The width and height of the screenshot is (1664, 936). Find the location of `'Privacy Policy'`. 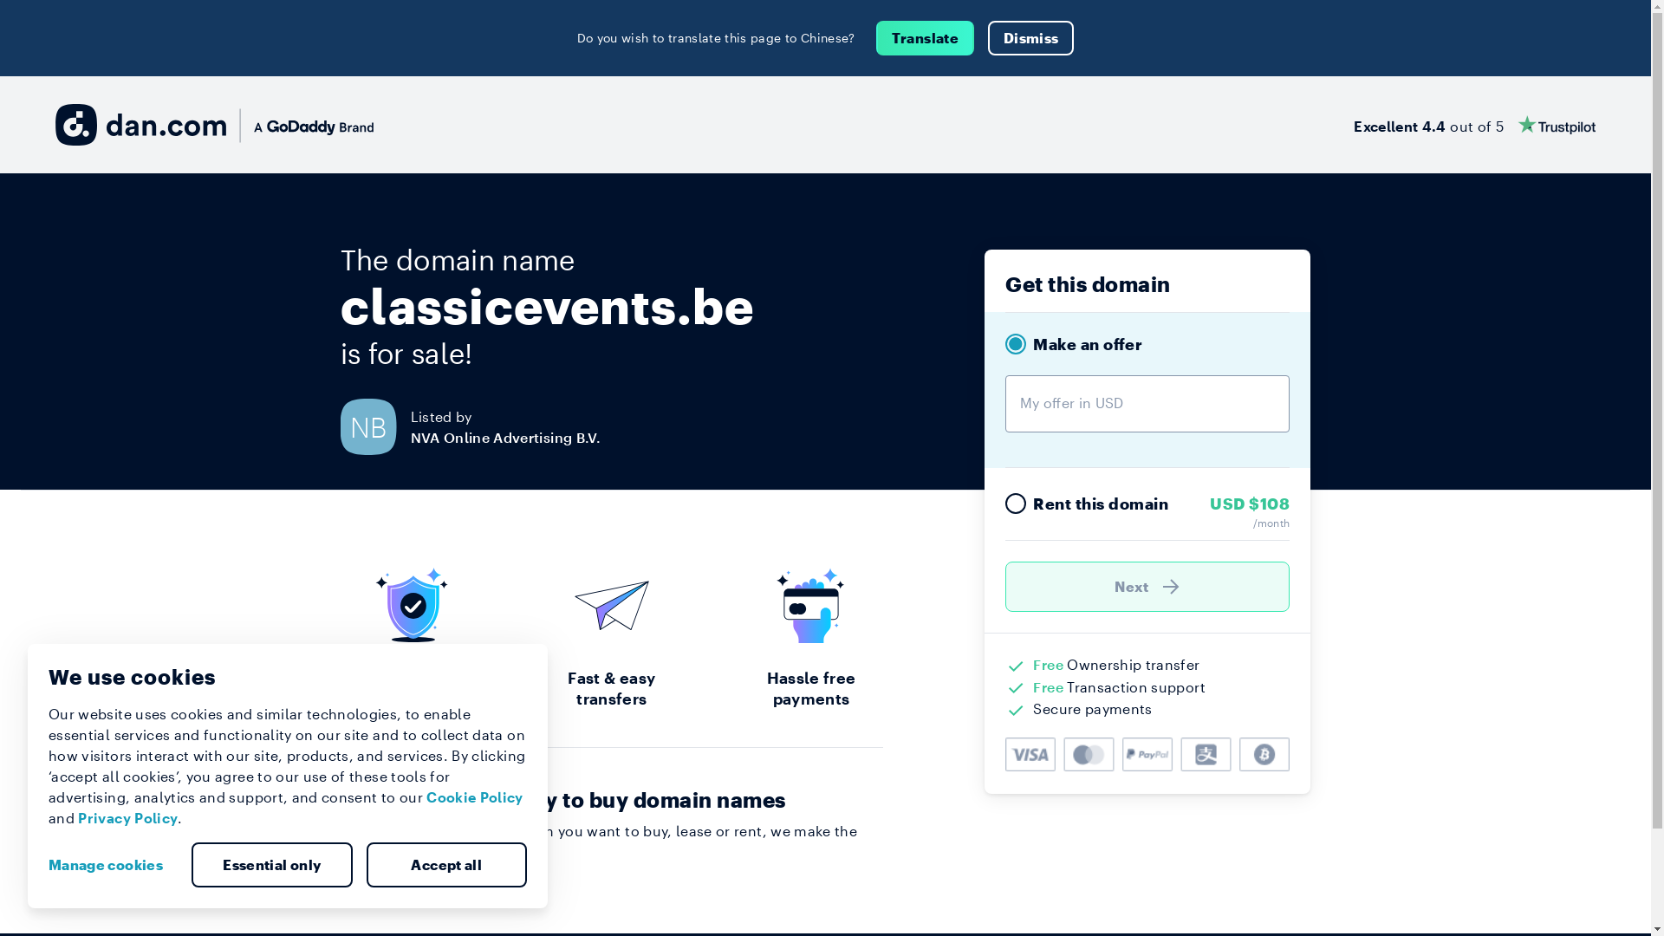

'Privacy Policy' is located at coordinates (77, 817).